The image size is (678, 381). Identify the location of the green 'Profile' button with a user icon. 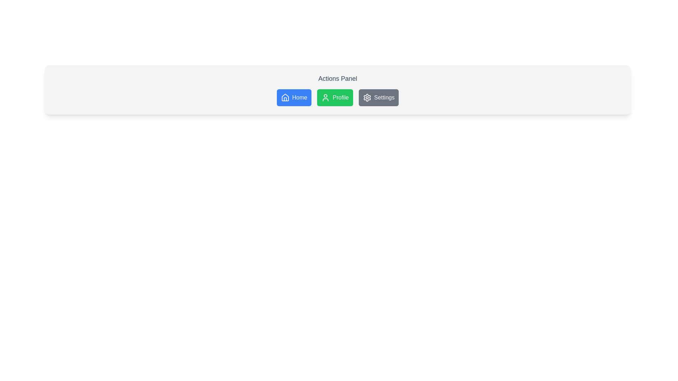
(334, 98).